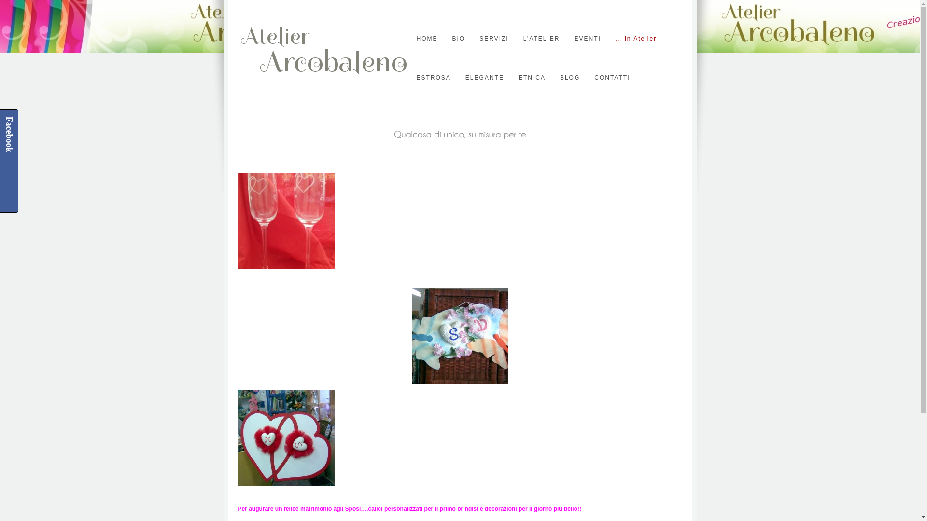 The image size is (927, 521). What do you see at coordinates (426, 38) in the screenshot?
I see `'HOME'` at bounding box center [426, 38].